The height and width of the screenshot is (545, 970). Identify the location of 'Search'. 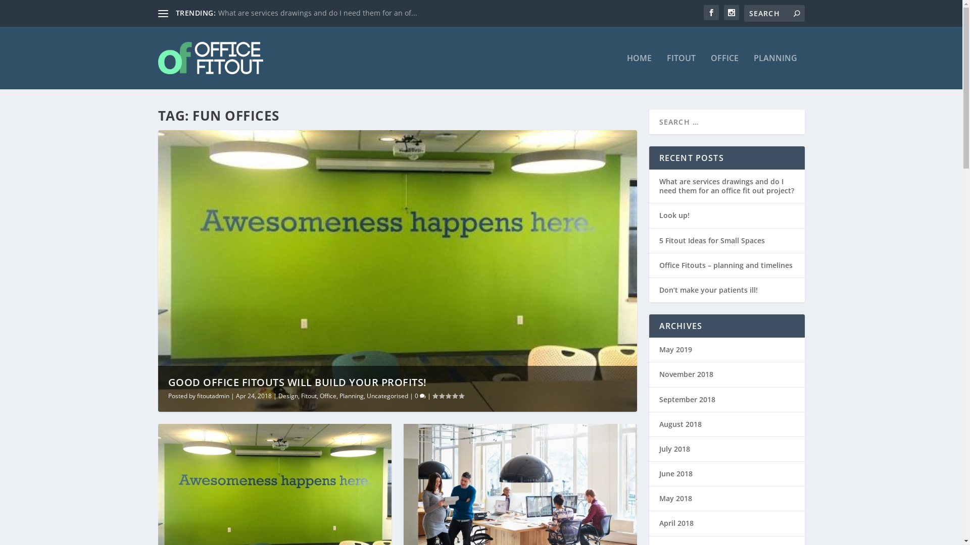
(0, 10).